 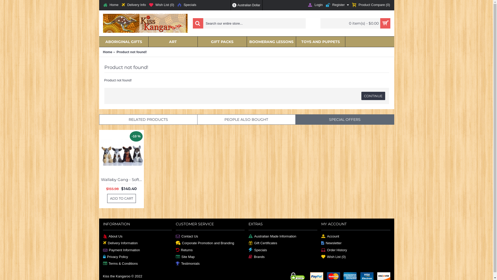 I want to click on 'Kiss the Kangaroo', so click(x=145, y=23).